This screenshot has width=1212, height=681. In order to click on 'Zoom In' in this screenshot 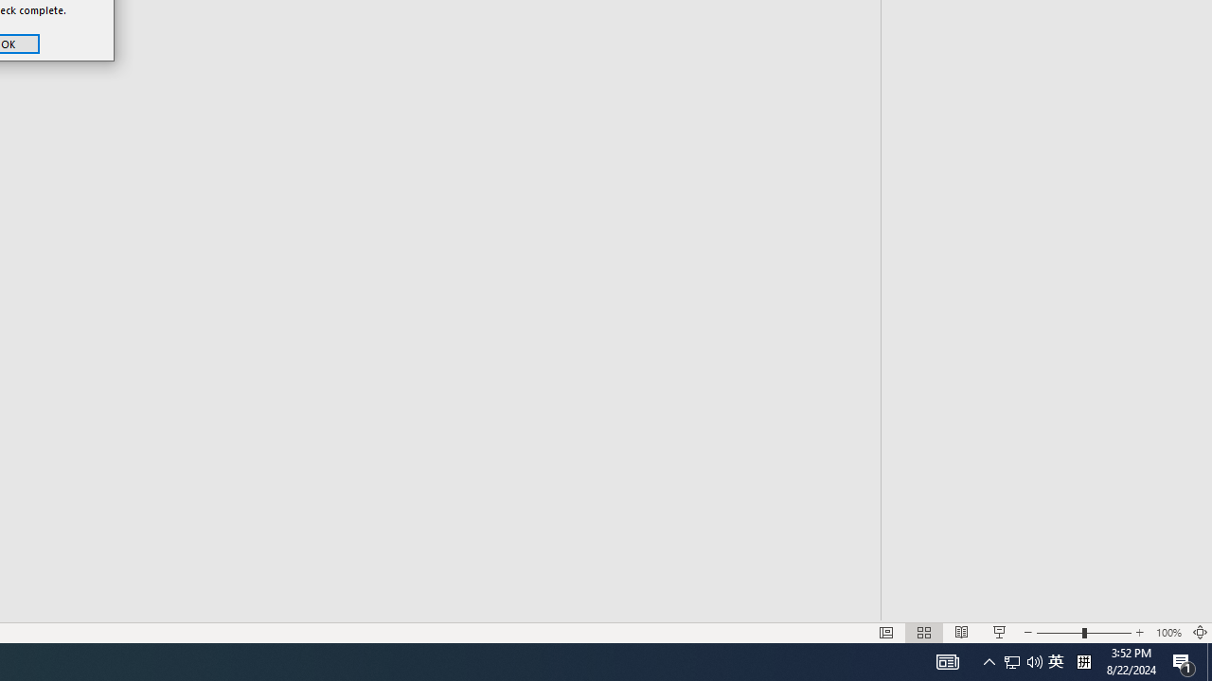, I will do `click(1140, 605)`.